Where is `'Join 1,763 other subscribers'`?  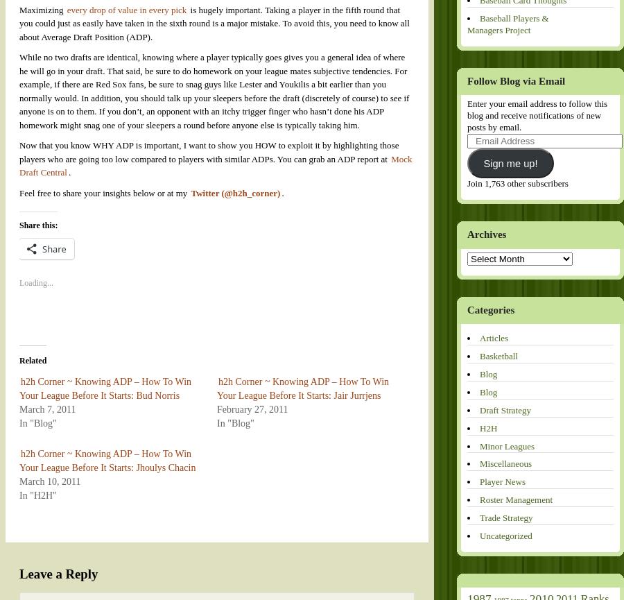 'Join 1,763 other subscribers' is located at coordinates (467, 182).